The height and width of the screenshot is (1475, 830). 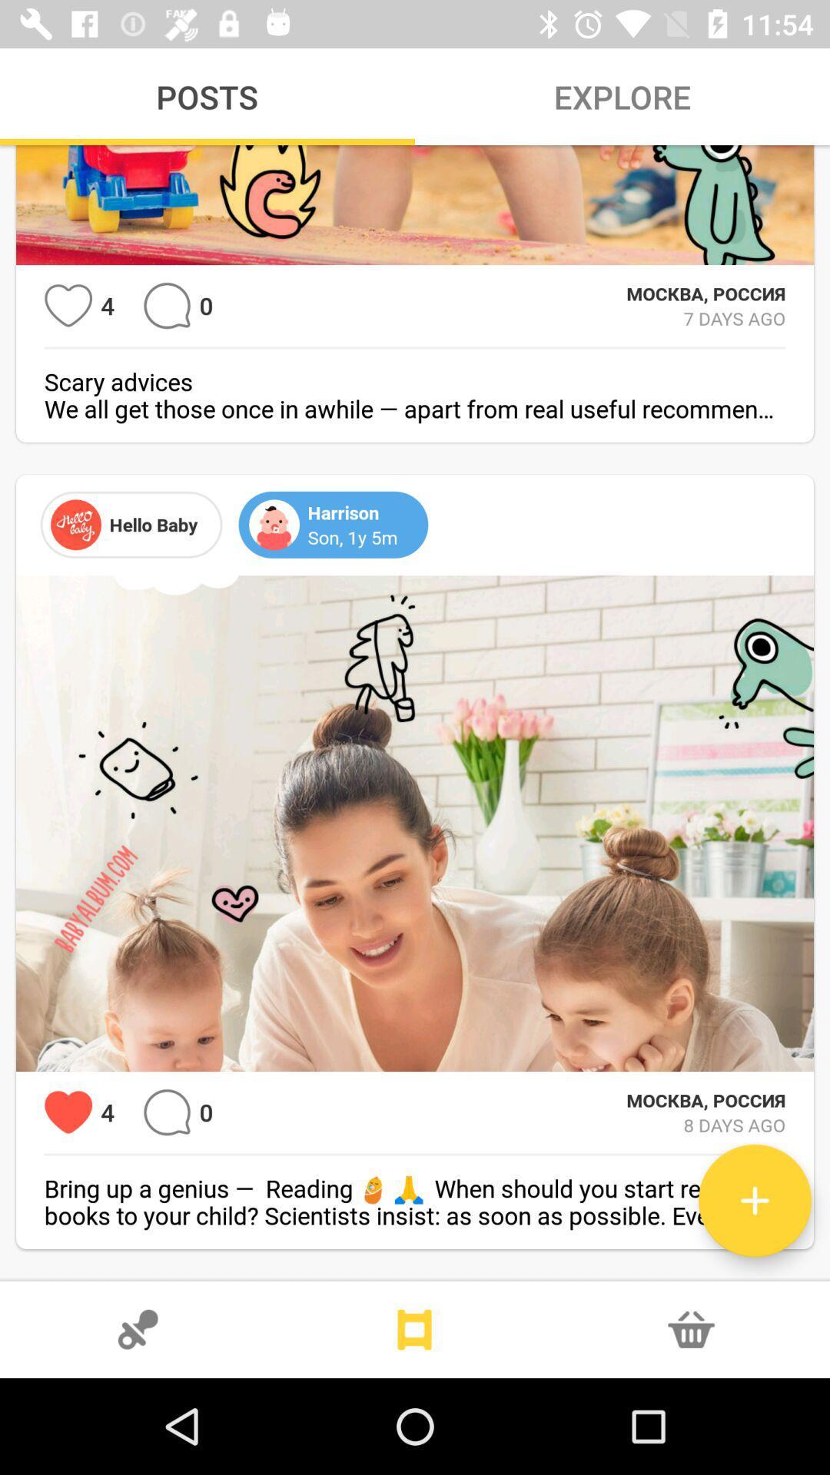 I want to click on item below the 8 days ago, so click(x=754, y=1200).